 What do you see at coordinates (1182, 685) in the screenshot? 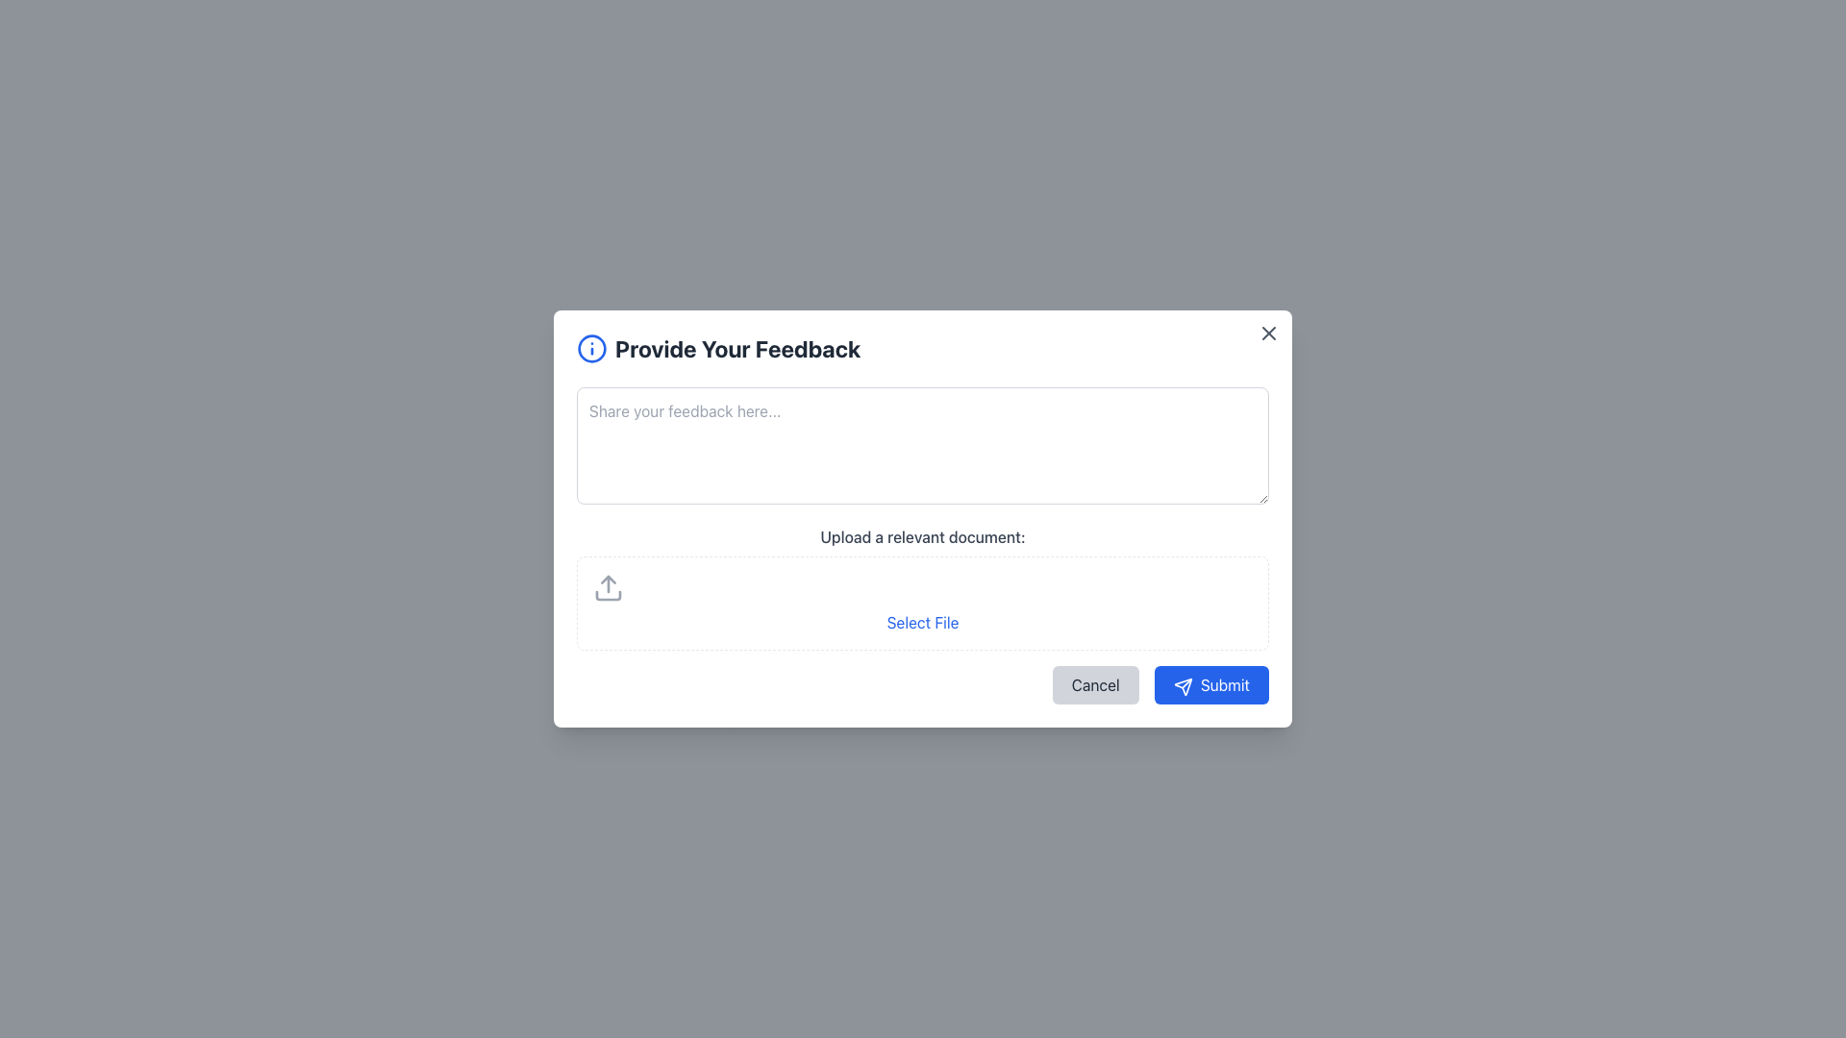
I see `the 'Submit' icon located inside the button labeled 'Submit', positioned to the left of the text label for the action of submitting data` at bounding box center [1182, 685].